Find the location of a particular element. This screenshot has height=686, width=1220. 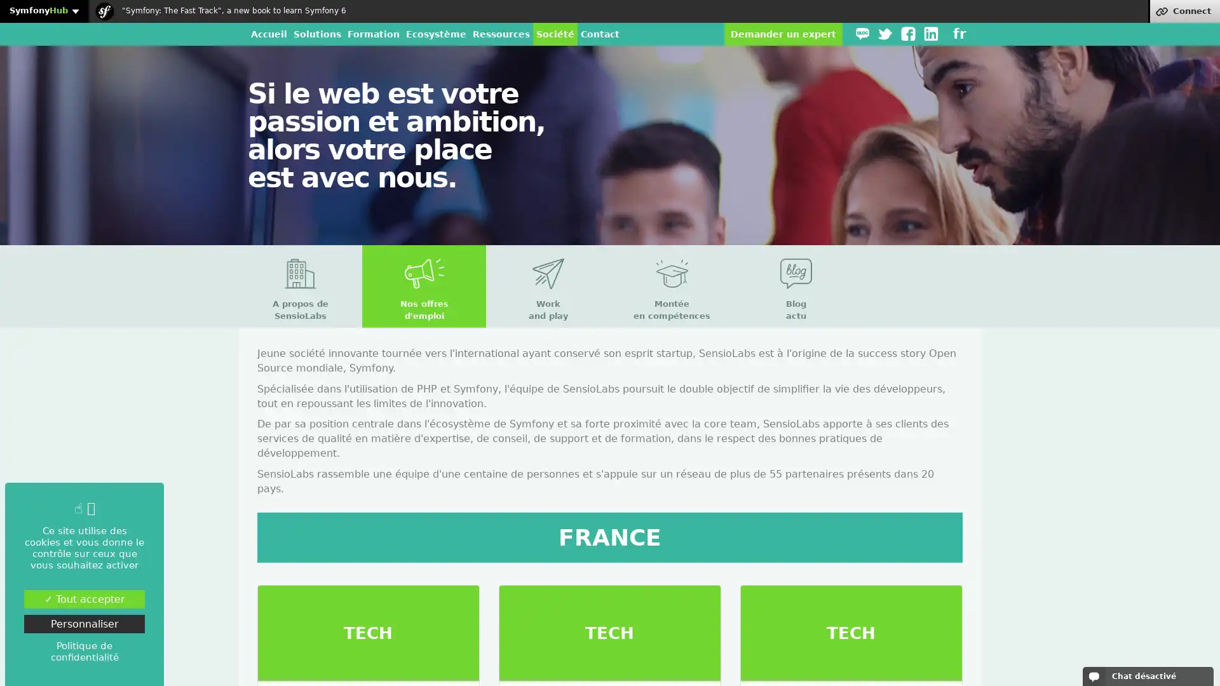

Personnaliser is located at coordinates (84, 623).